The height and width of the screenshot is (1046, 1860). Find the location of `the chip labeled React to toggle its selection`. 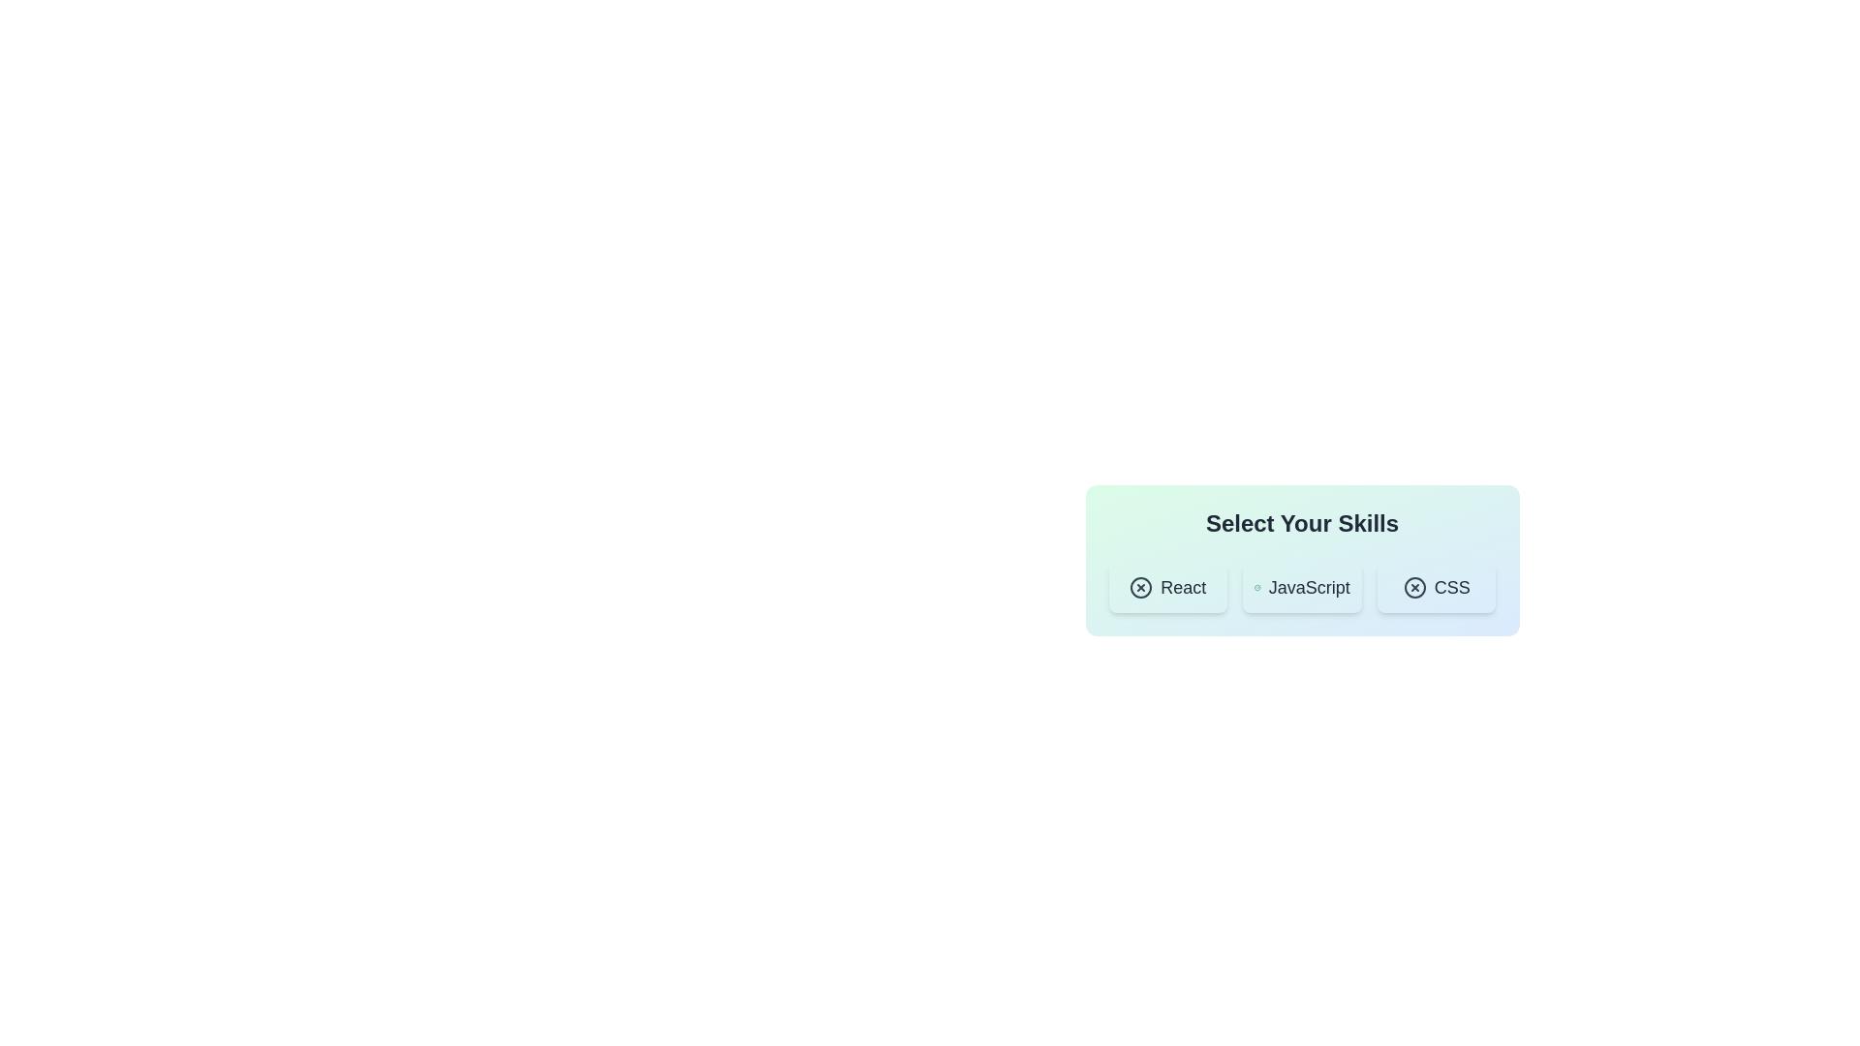

the chip labeled React to toggle its selection is located at coordinates (1166, 586).